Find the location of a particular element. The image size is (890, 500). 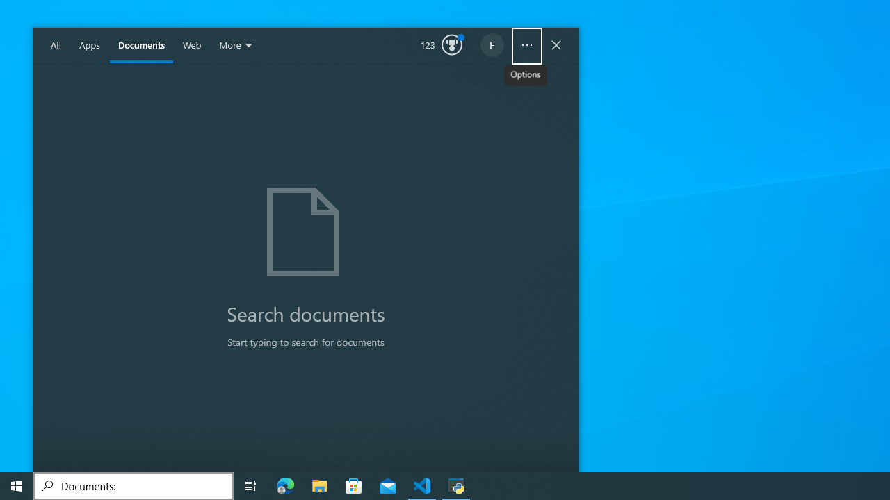

'Apps' is located at coordinates (89, 45).